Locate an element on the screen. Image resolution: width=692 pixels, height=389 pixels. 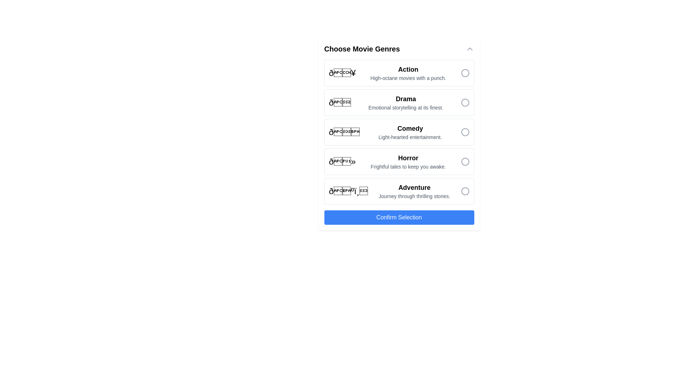
the 'Horror' genre title and description text label, which is the fourth item in the vertical list of the genre selection panel is located at coordinates (408, 161).